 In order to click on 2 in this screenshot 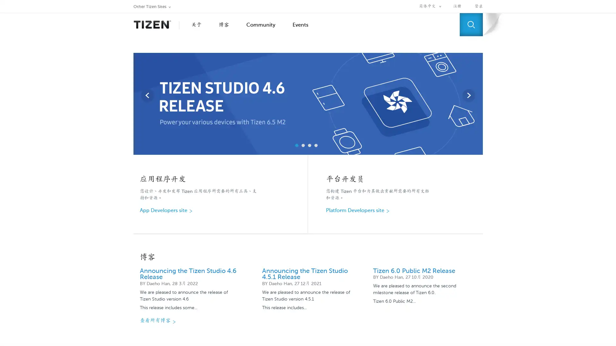, I will do `click(303, 145)`.